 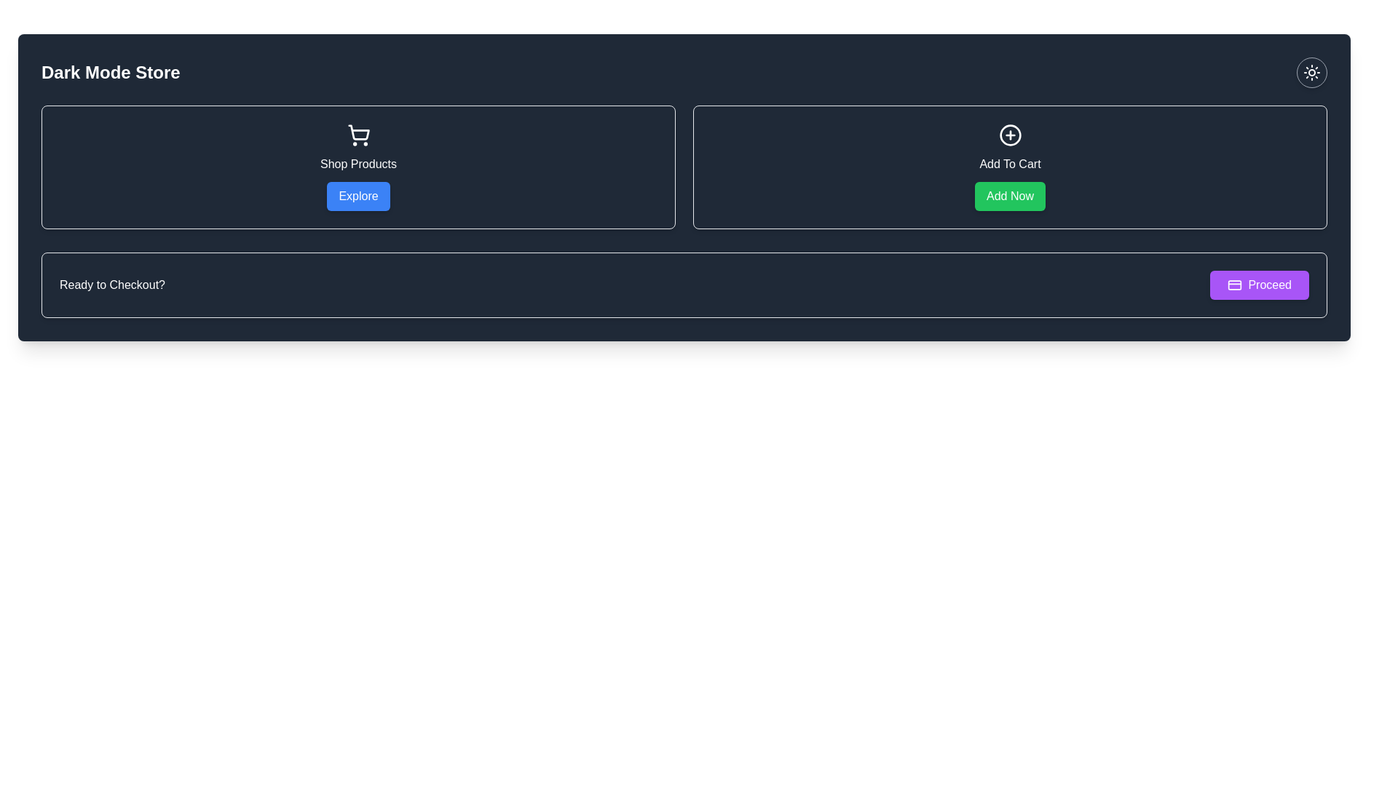 What do you see at coordinates (1234, 285) in the screenshot?
I see `the decorative part of the credit card icon located at the center of the graphic representation` at bounding box center [1234, 285].